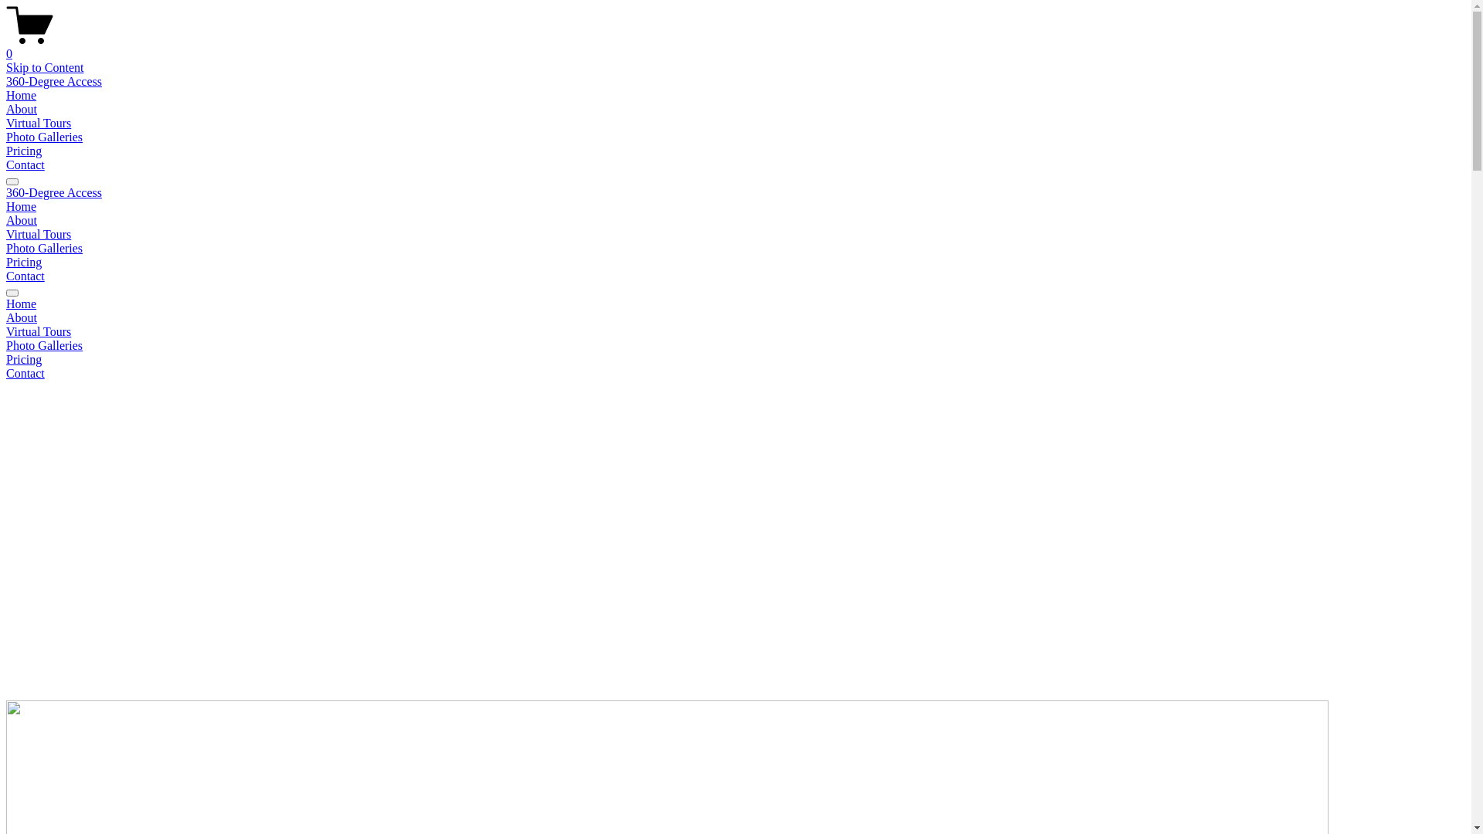 This screenshot has height=834, width=1483. What do you see at coordinates (6, 205) in the screenshot?
I see `'Home'` at bounding box center [6, 205].